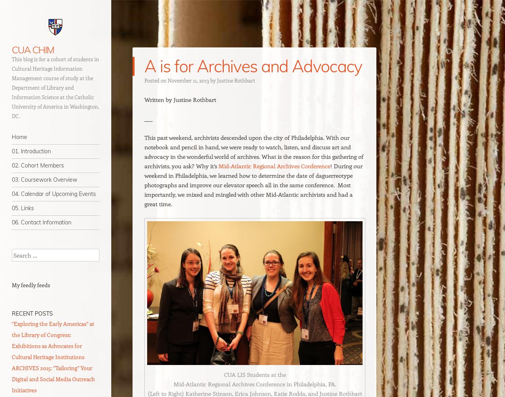  I want to click on 'Home', so click(11, 137).